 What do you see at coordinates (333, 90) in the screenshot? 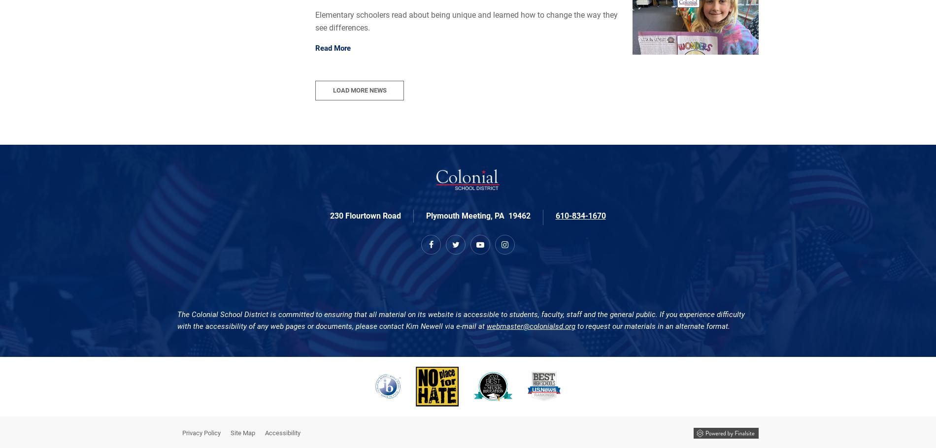
I see `'Load More News'` at bounding box center [333, 90].